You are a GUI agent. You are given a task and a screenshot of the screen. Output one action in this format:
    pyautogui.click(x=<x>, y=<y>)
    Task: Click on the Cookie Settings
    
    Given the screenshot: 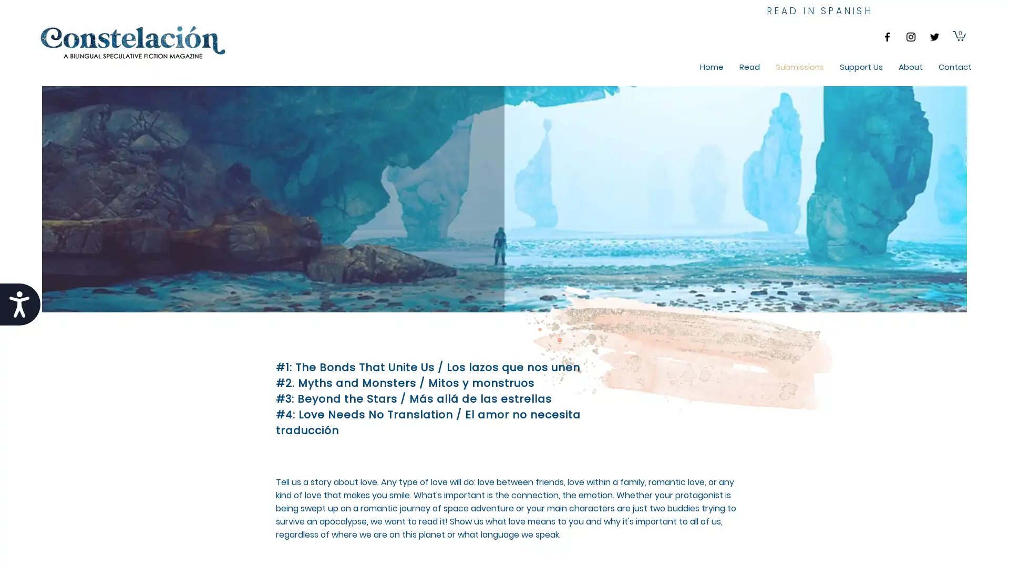 What is the action you would take?
    pyautogui.click(x=895, y=548)
    